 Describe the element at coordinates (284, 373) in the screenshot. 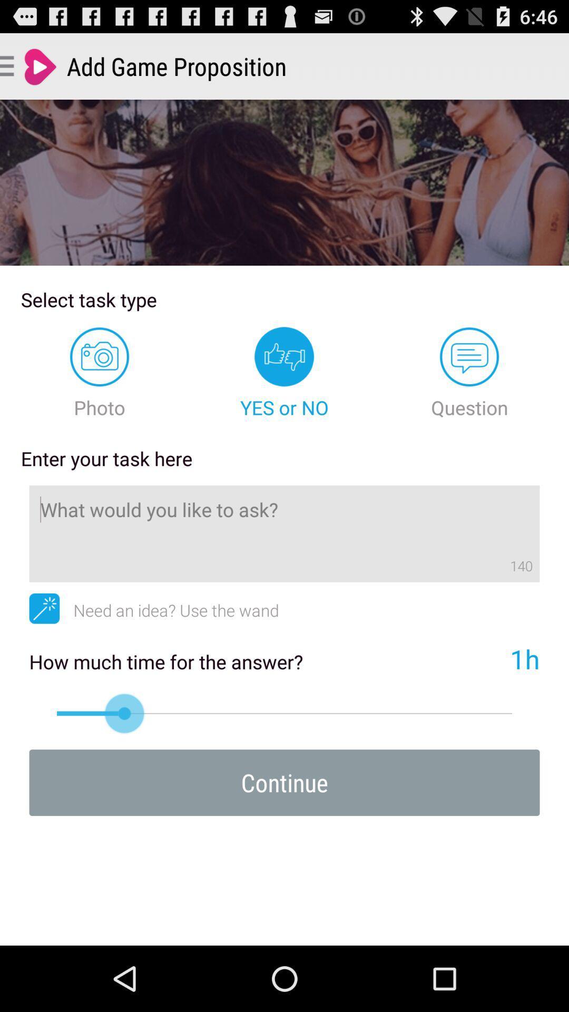

I see `icon next to the photo item` at that location.